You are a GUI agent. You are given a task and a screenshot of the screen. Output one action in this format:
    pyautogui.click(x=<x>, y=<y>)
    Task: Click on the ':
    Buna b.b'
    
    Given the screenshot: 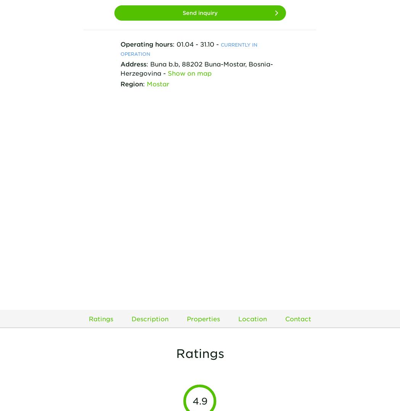 What is the action you would take?
    pyautogui.click(x=161, y=63)
    